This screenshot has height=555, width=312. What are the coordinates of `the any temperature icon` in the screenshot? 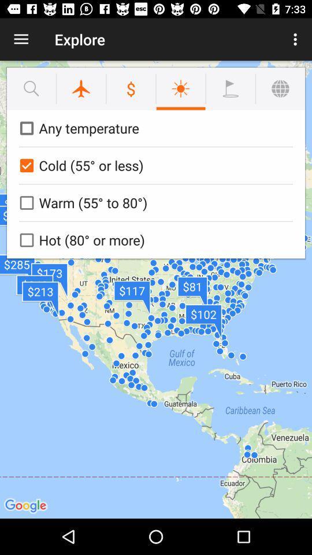 It's located at (154, 128).